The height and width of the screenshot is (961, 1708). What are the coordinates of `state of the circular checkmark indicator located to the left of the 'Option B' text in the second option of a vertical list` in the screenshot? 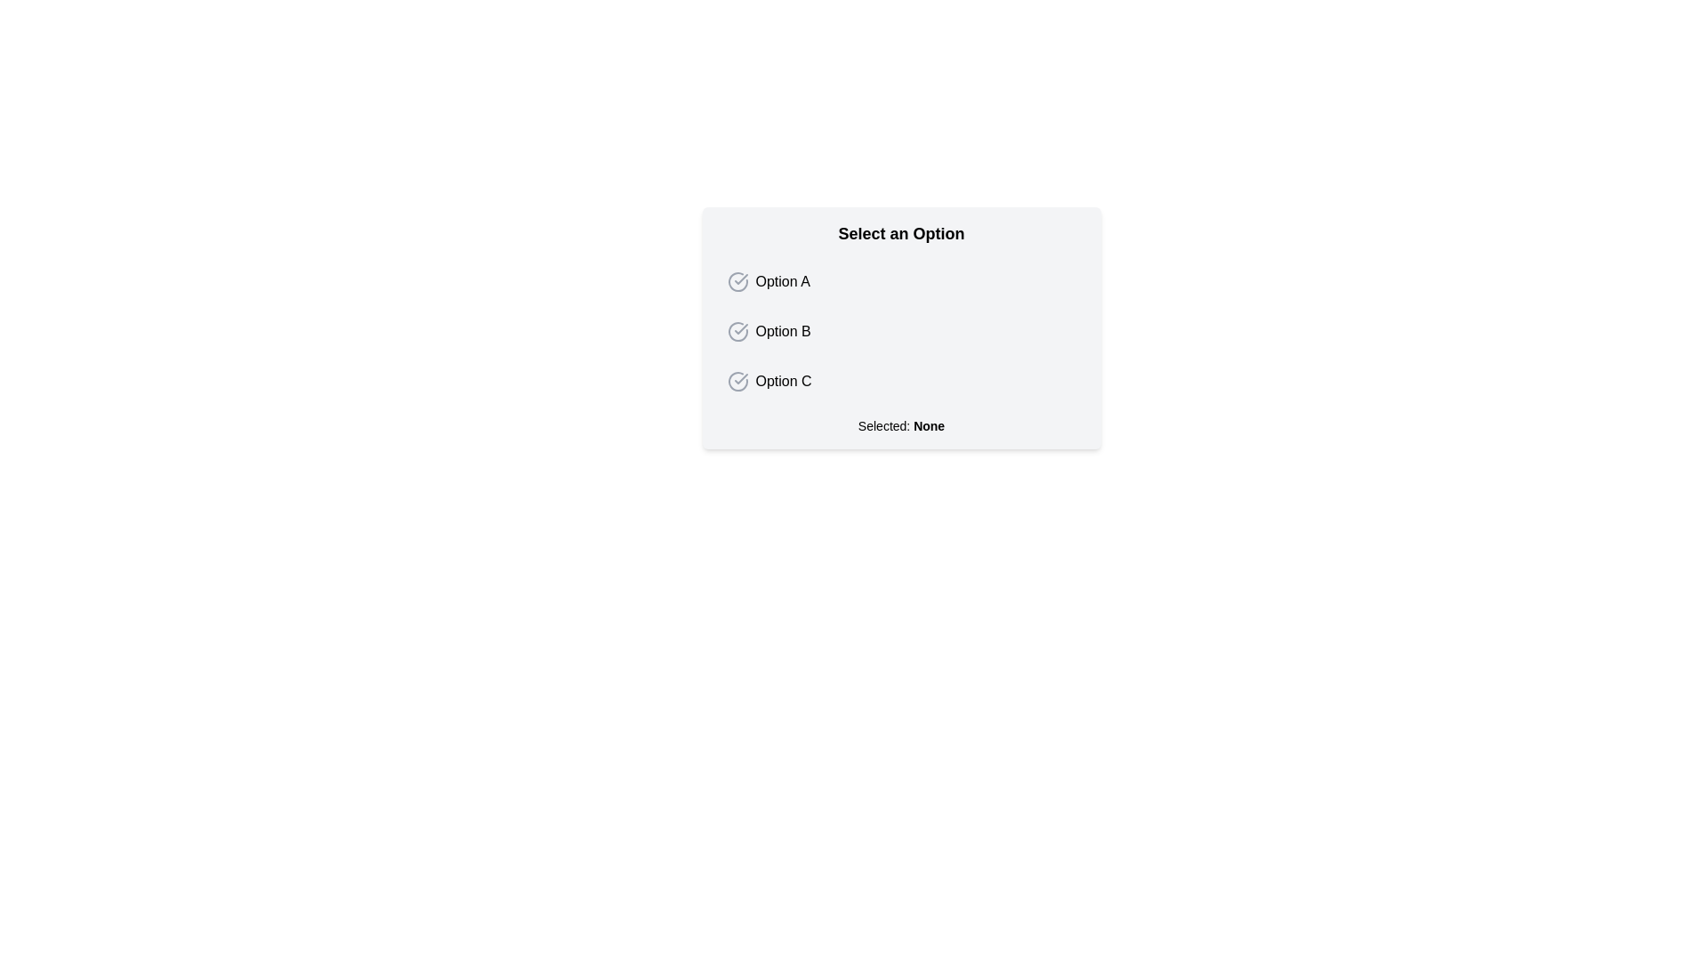 It's located at (737, 332).